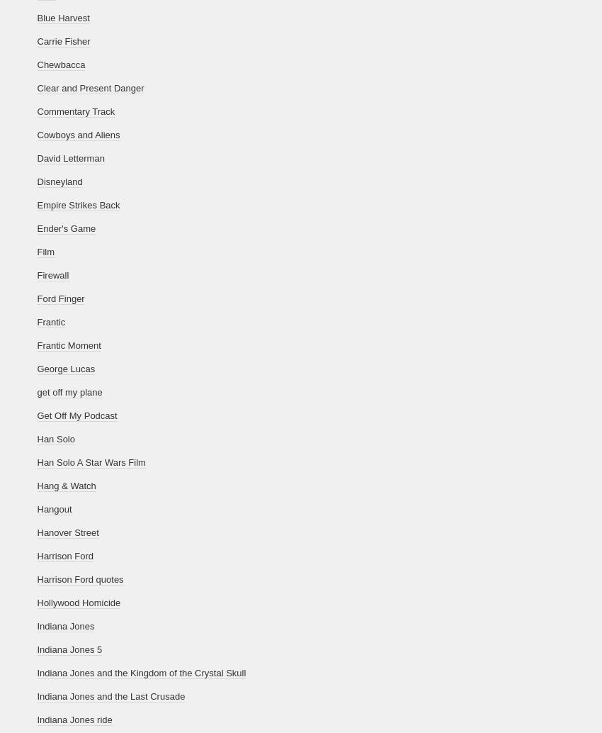 The height and width of the screenshot is (733, 602). I want to click on 'Ender's Game', so click(37, 228).